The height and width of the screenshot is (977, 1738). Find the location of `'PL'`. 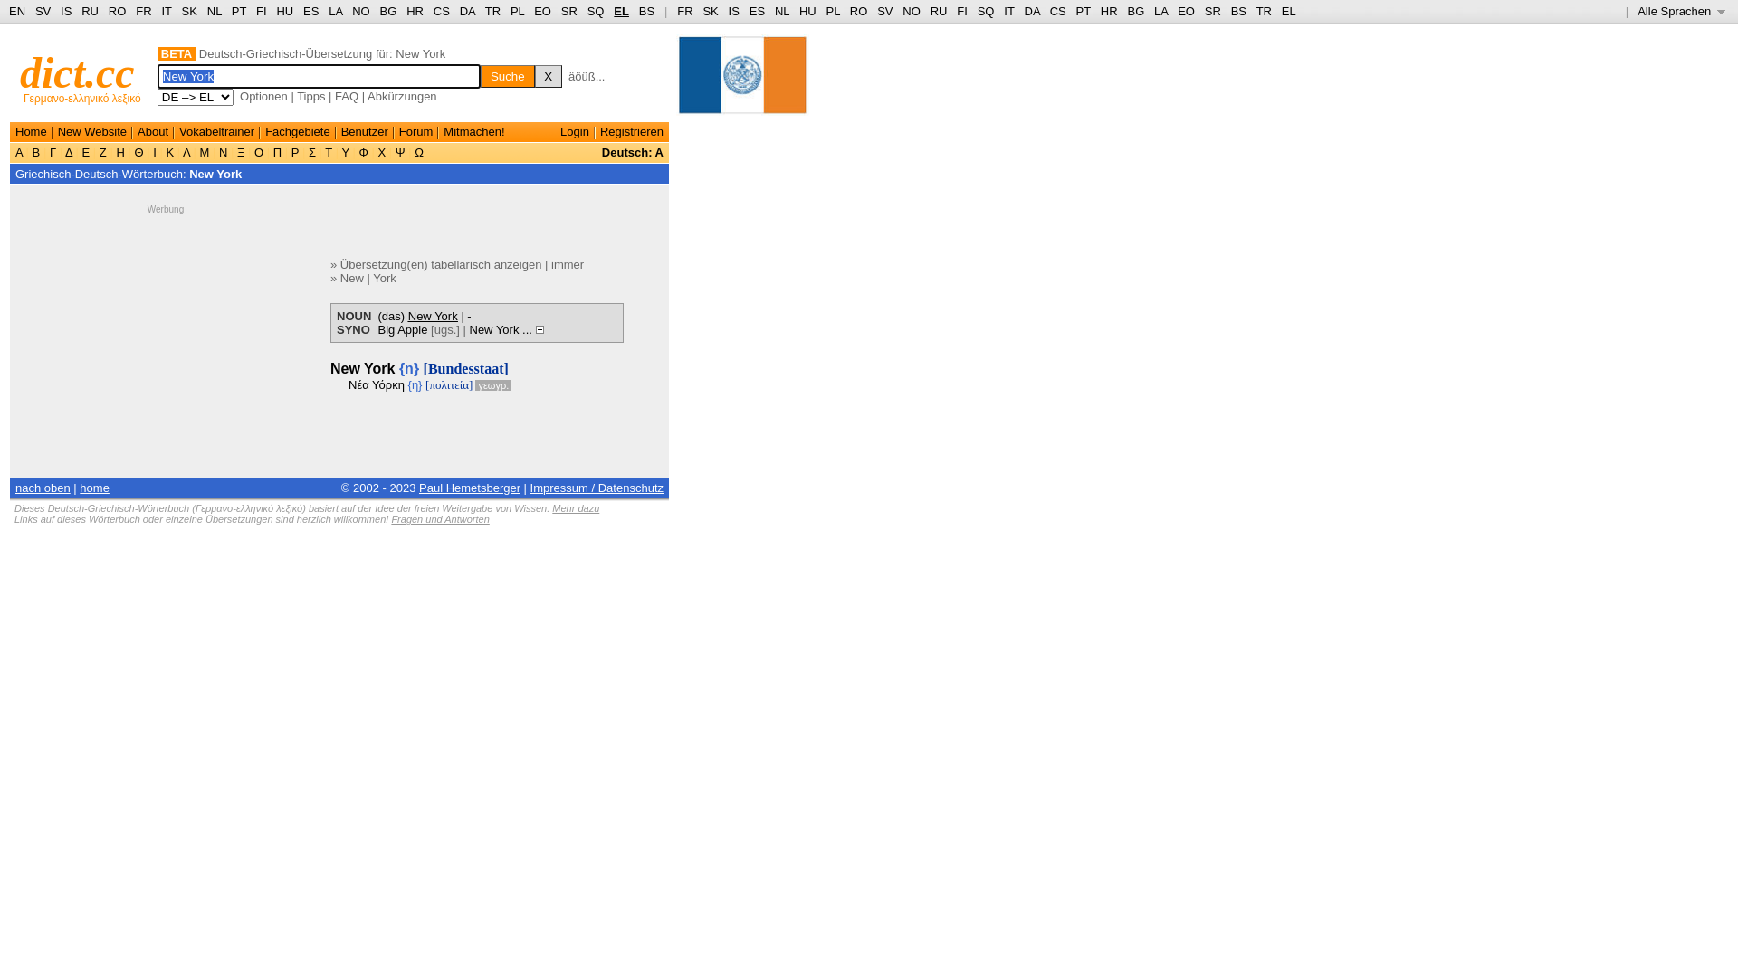

'PL' is located at coordinates (832, 11).